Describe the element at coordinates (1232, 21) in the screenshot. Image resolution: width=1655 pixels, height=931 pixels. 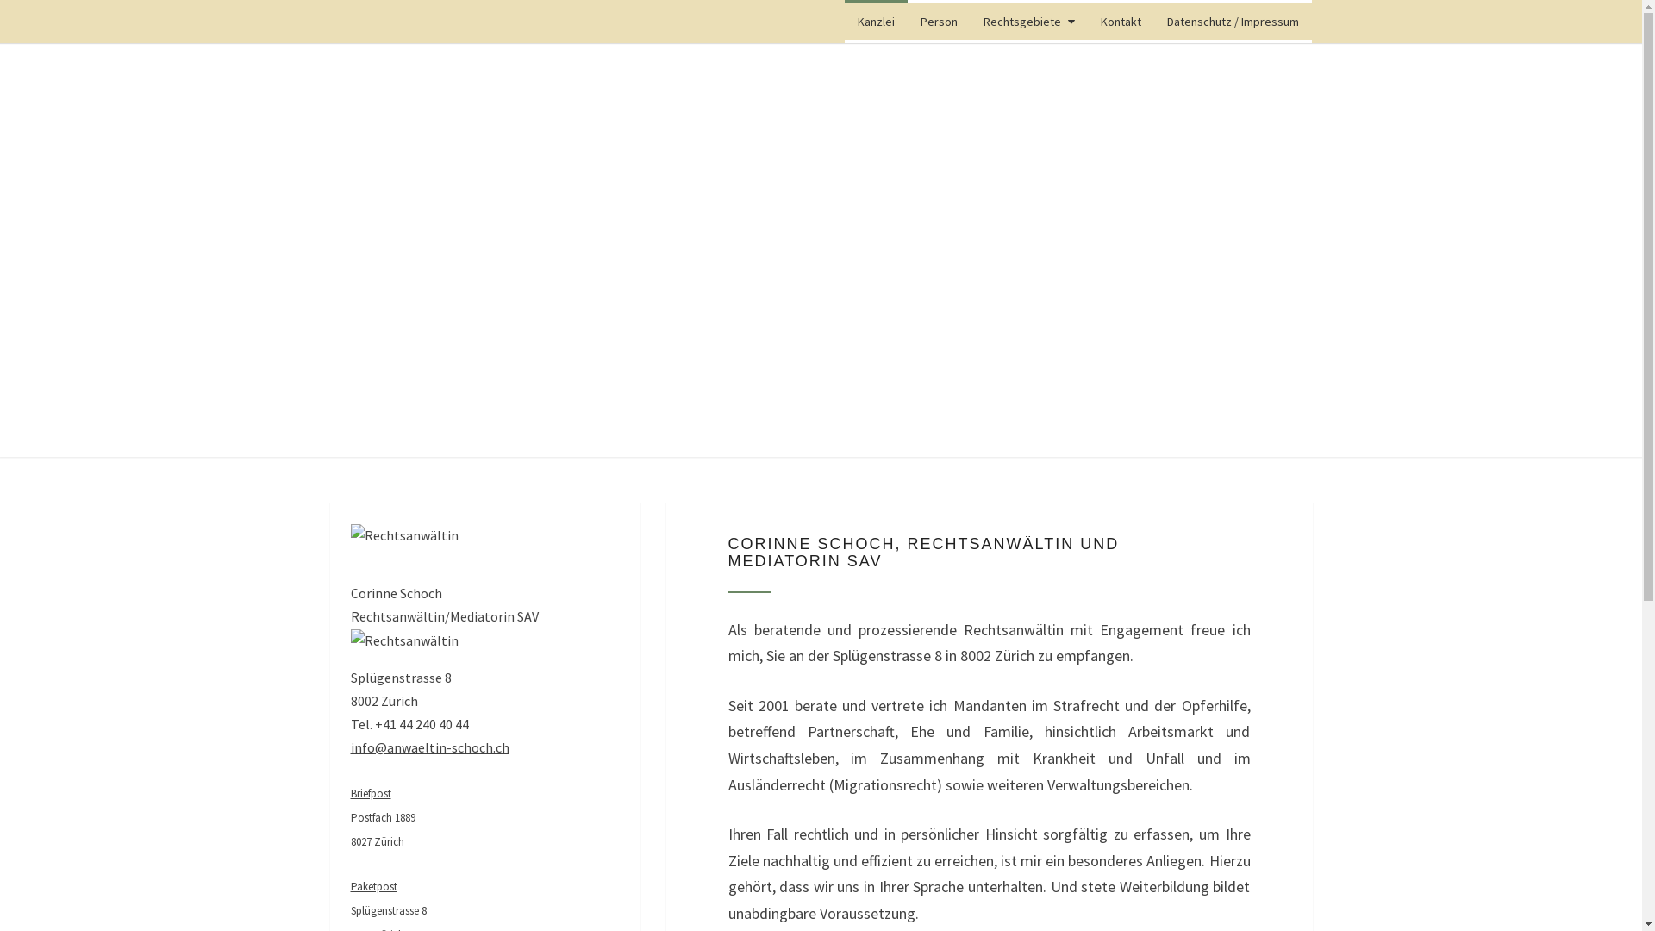
I see `'Datenschutz / Impressum'` at that location.